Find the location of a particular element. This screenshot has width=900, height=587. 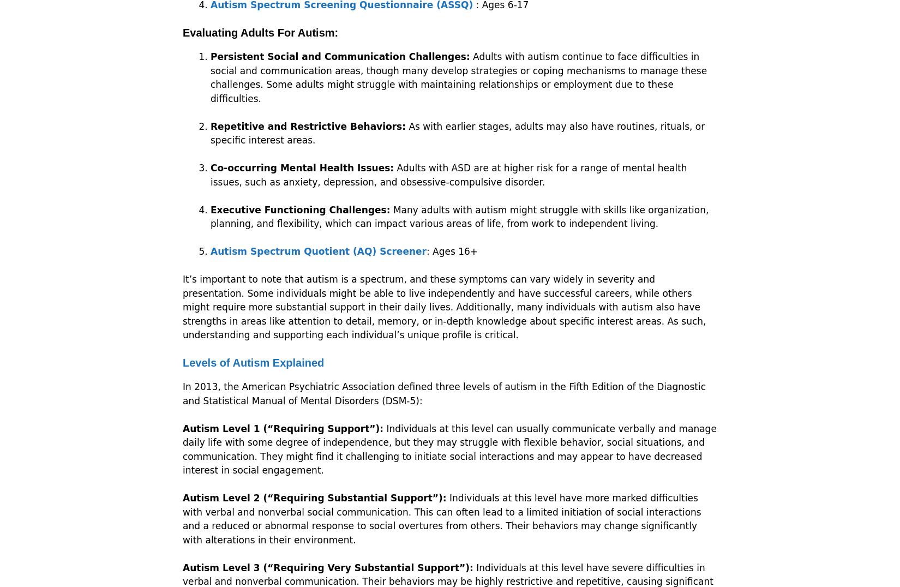

'Autism Level 2 (“Requiring Substantial Support”):' is located at coordinates (314, 497).